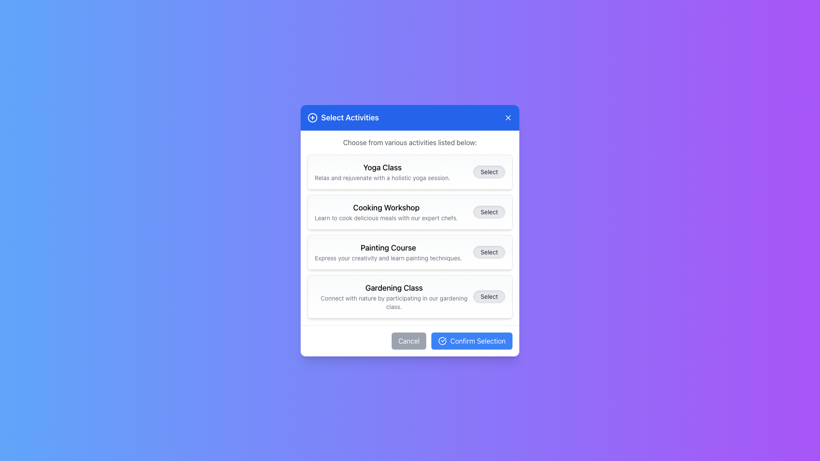 The width and height of the screenshot is (820, 461). I want to click on text content of the 'Painting Course' descriptor label, which is the third entry in a vertical list between 'Cooking Workshop' and 'Gardening Class', so click(388, 251).